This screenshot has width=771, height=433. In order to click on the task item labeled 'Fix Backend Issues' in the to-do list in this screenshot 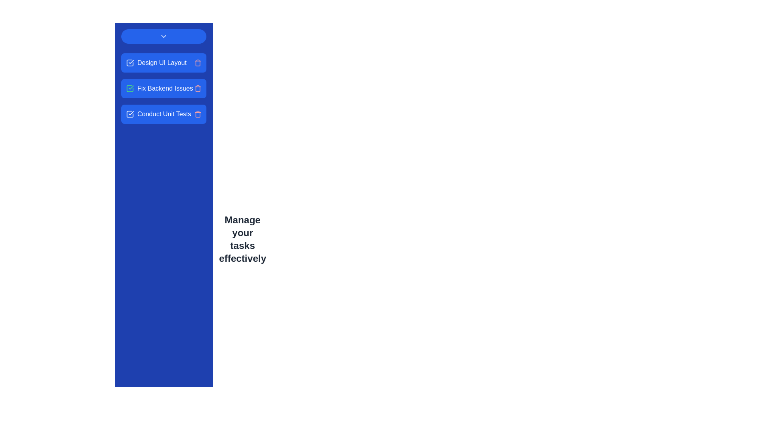, I will do `click(163, 88)`.